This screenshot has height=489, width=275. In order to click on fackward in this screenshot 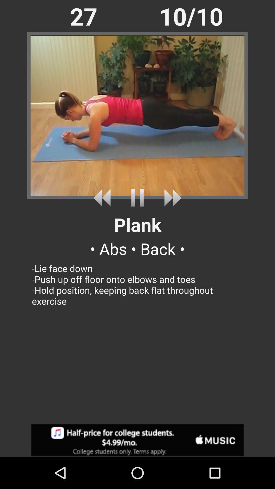, I will do `click(171, 198)`.